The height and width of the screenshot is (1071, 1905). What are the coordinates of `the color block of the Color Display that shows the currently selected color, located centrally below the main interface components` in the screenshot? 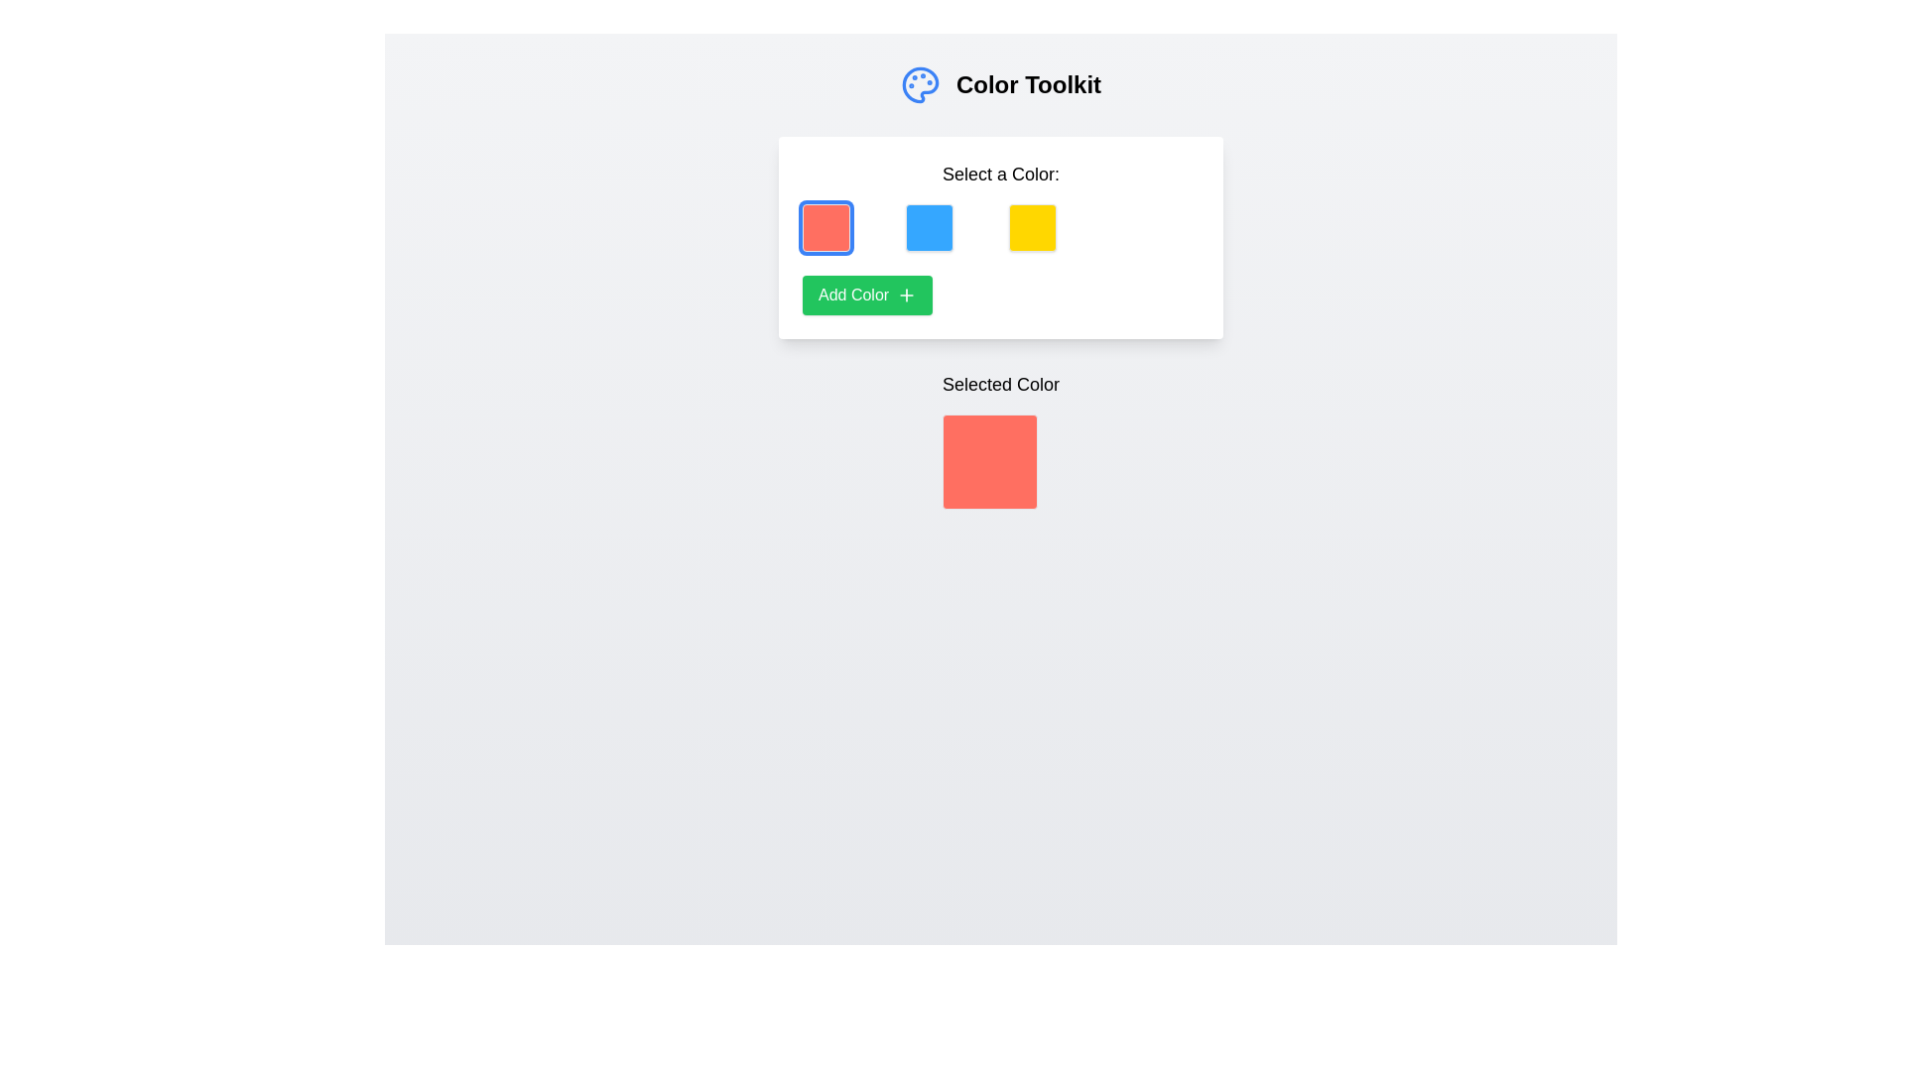 It's located at (1000, 438).